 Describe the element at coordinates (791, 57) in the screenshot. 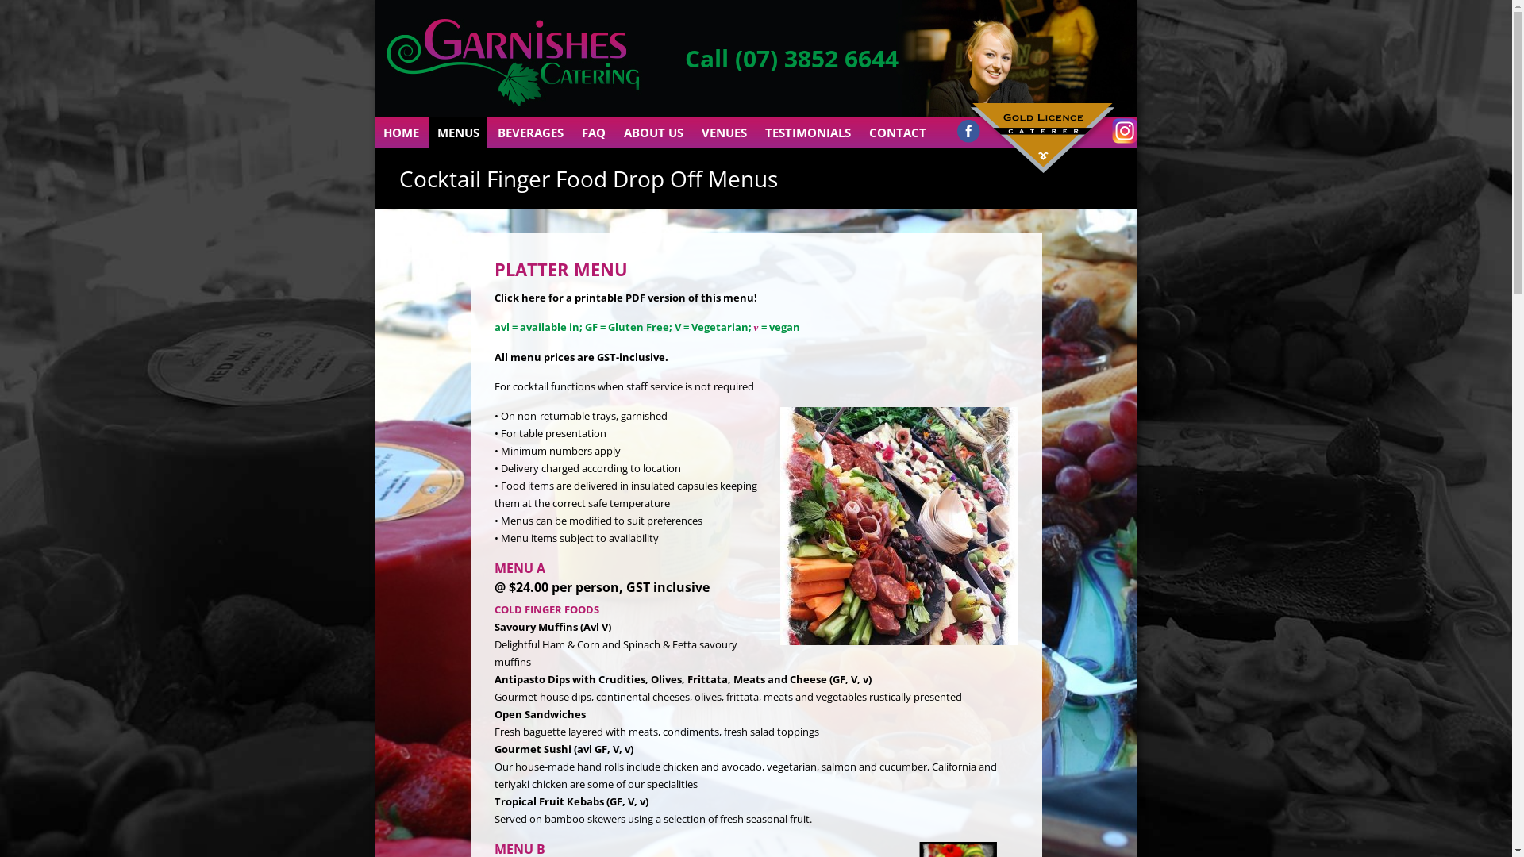

I see `'Call (07) 3852 6644'` at that location.